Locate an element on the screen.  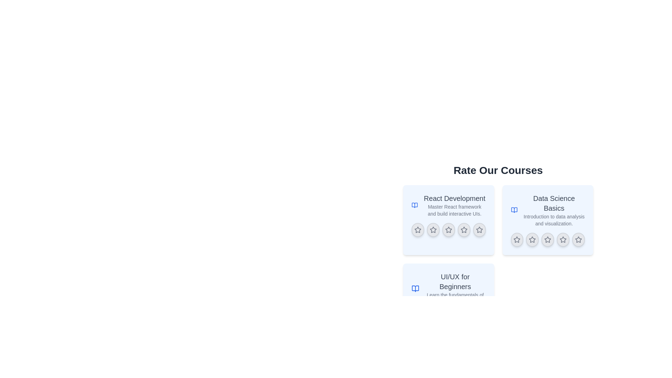
the third interactive star button located at the bottom of the 'Data Science Basics' card is located at coordinates (547, 239).